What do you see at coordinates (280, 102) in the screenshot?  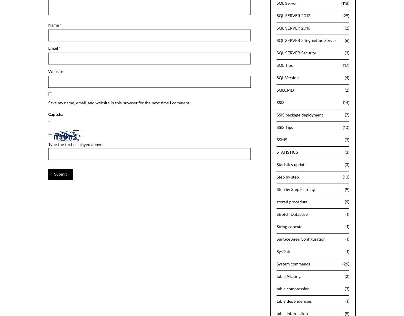 I see `'SSIS'` at bounding box center [280, 102].